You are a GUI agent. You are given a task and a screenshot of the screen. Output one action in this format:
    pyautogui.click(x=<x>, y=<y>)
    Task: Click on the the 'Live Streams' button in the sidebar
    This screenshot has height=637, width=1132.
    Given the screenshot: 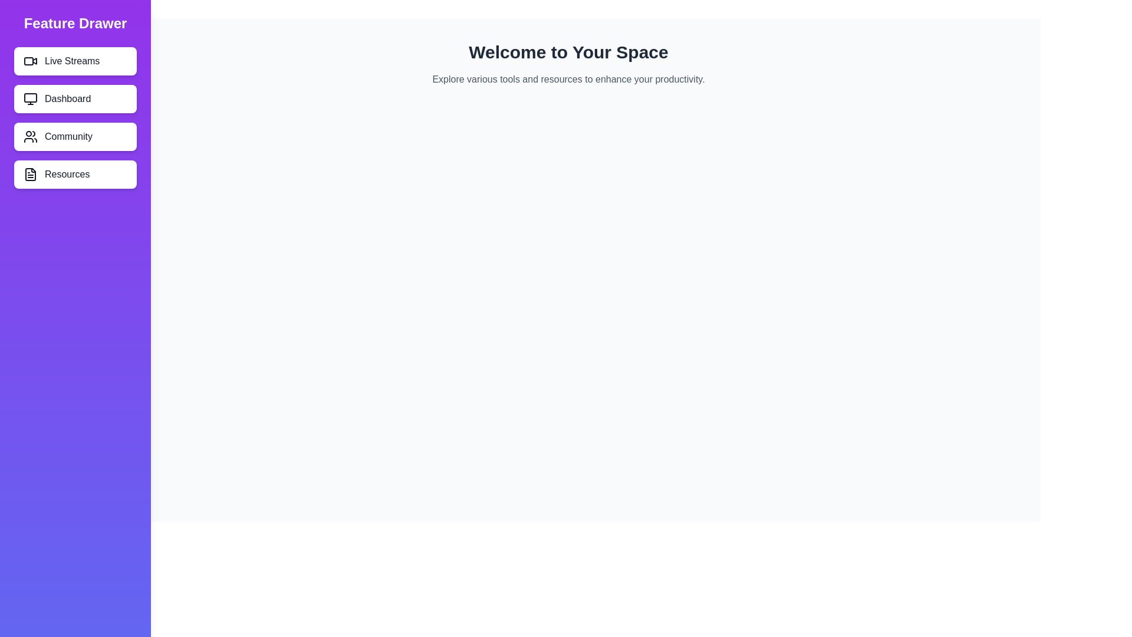 What is the action you would take?
    pyautogui.click(x=75, y=61)
    